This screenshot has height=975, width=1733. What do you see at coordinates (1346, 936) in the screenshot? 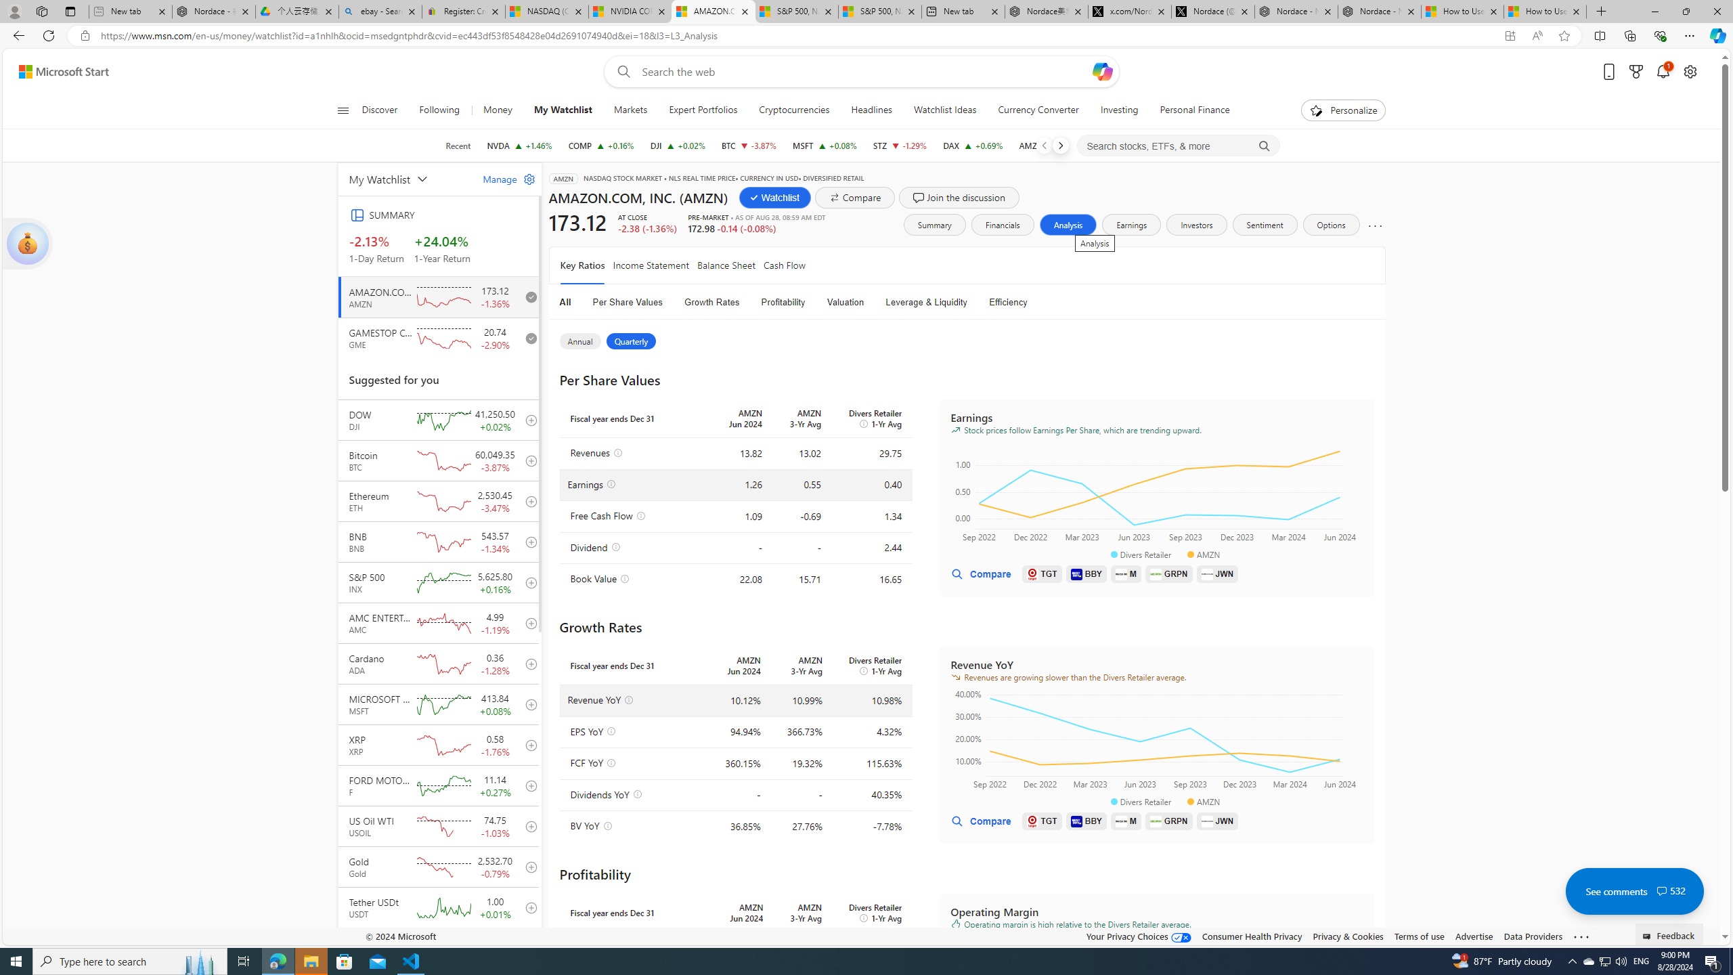
I see `'Privacy & Cookies'` at bounding box center [1346, 936].